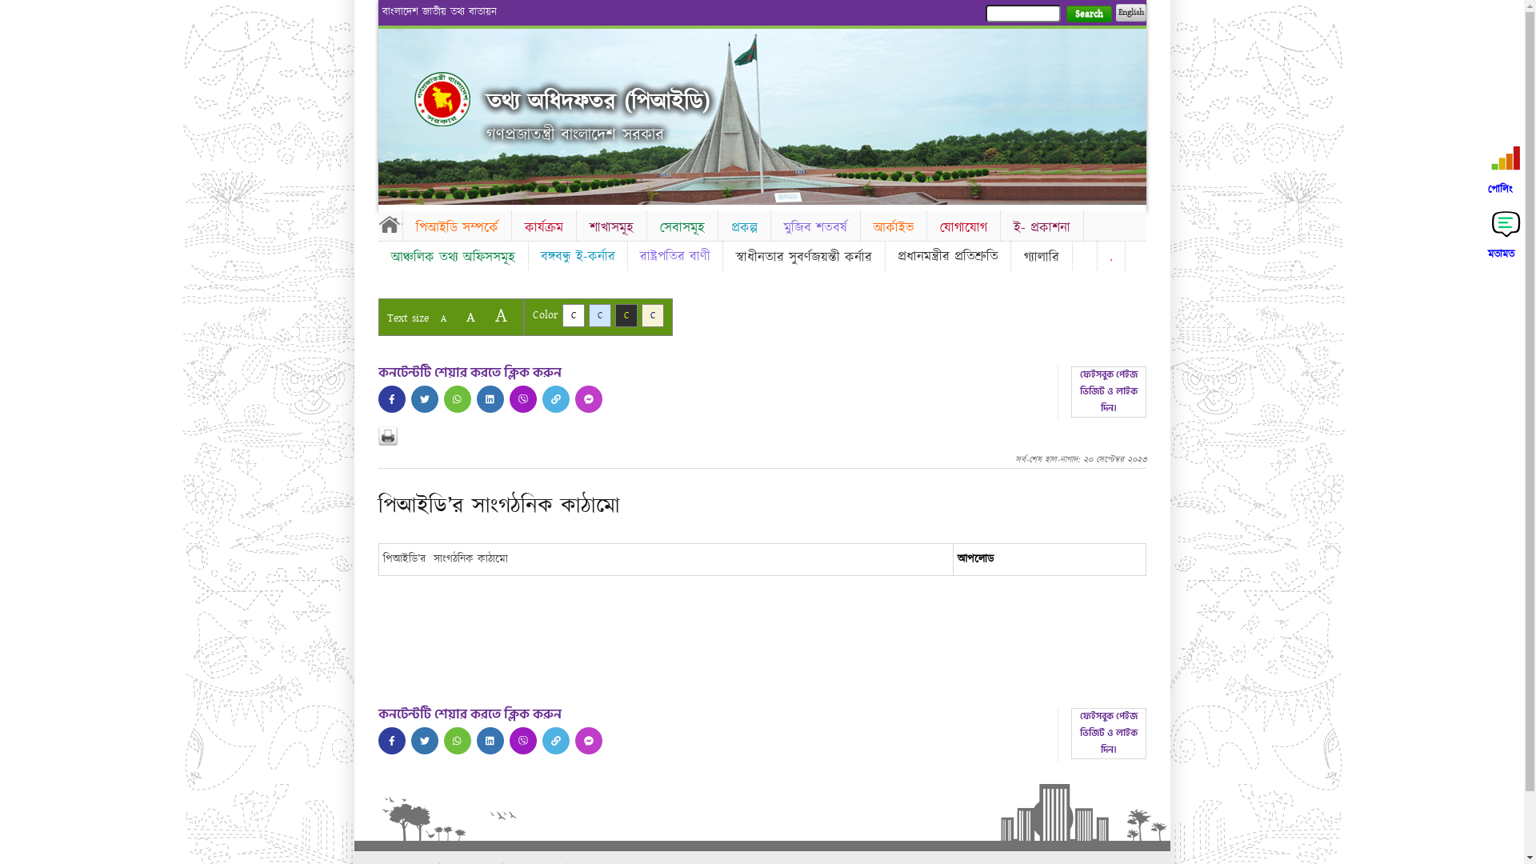 This screenshot has height=864, width=1536. Describe the element at coordinates (561, 315) in the screenshot. I see `'C'` at that location.